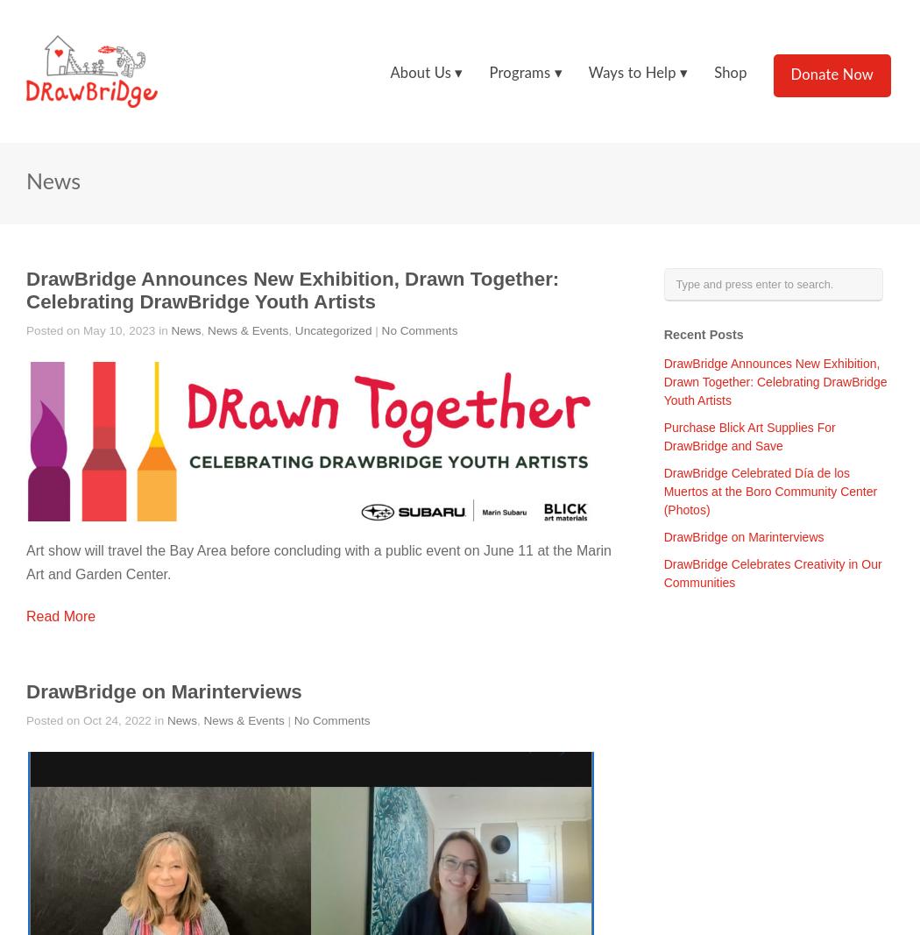  Describe the element at coordinates (702, 333) in the screenshot. I see `'Recent Posts'` at that location.